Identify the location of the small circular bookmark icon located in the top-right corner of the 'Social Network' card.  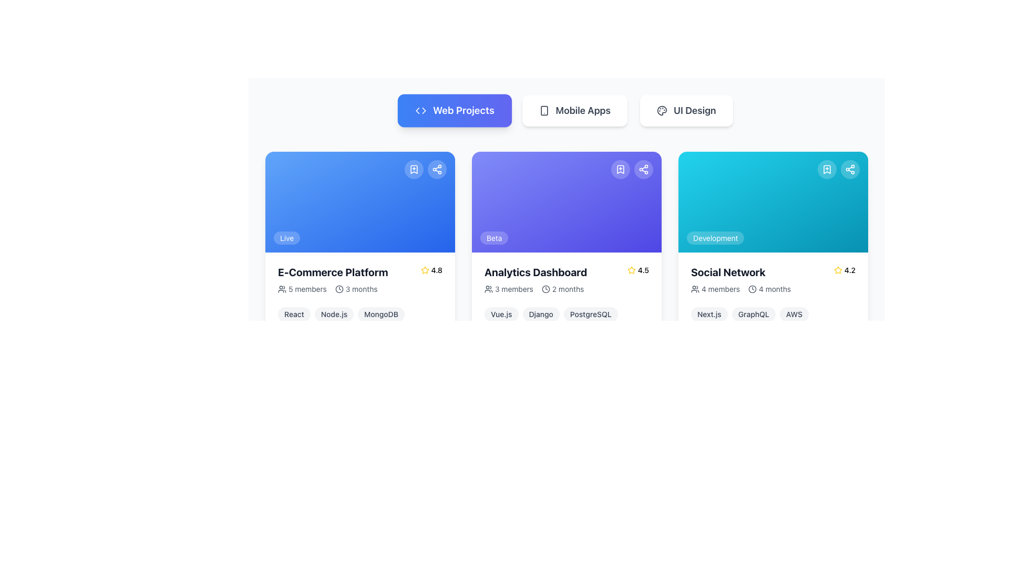
(838, 169).